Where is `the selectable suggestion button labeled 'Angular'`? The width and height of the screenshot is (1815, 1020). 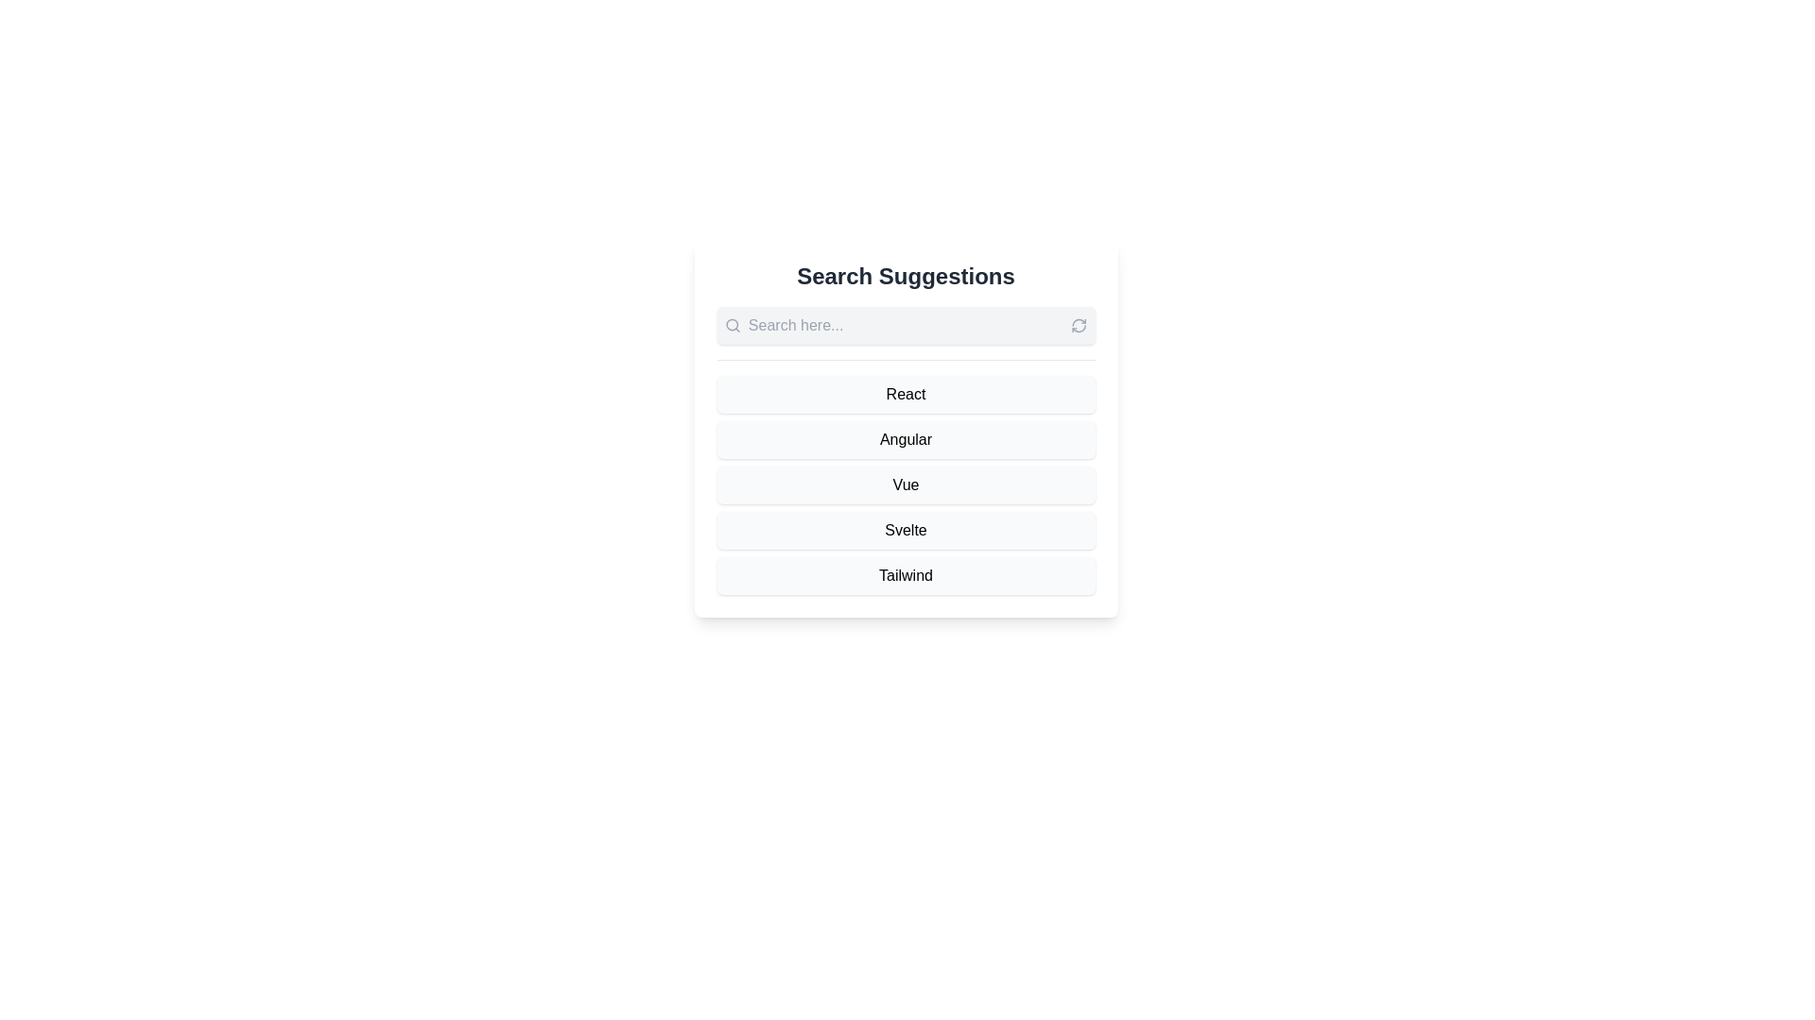
the selectable suggestion button labeled 'Angular' is located at coordinates (905, 428).